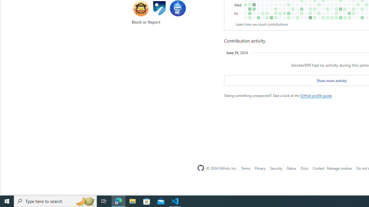 This screenshot has width=369, height=207. What do you see at coordinates (297, 13) in the screenshot?
I see `'No contributions on March 29th.'` at bounding box center [297, 13].